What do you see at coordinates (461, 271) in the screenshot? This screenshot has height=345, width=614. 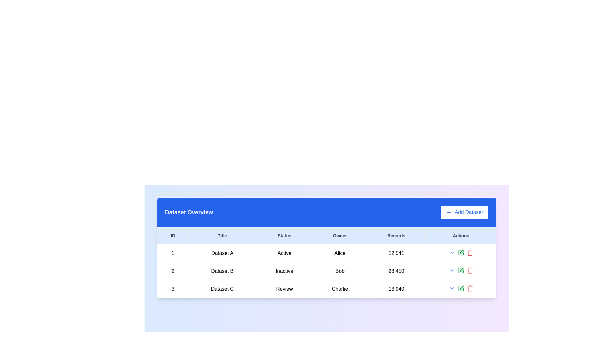 I see `the SVG icon resembling a square or rectangle with rounded features located in the 'Actions' column of the second row in the table for 'Dataset B'` at bounding box center [461, 271].